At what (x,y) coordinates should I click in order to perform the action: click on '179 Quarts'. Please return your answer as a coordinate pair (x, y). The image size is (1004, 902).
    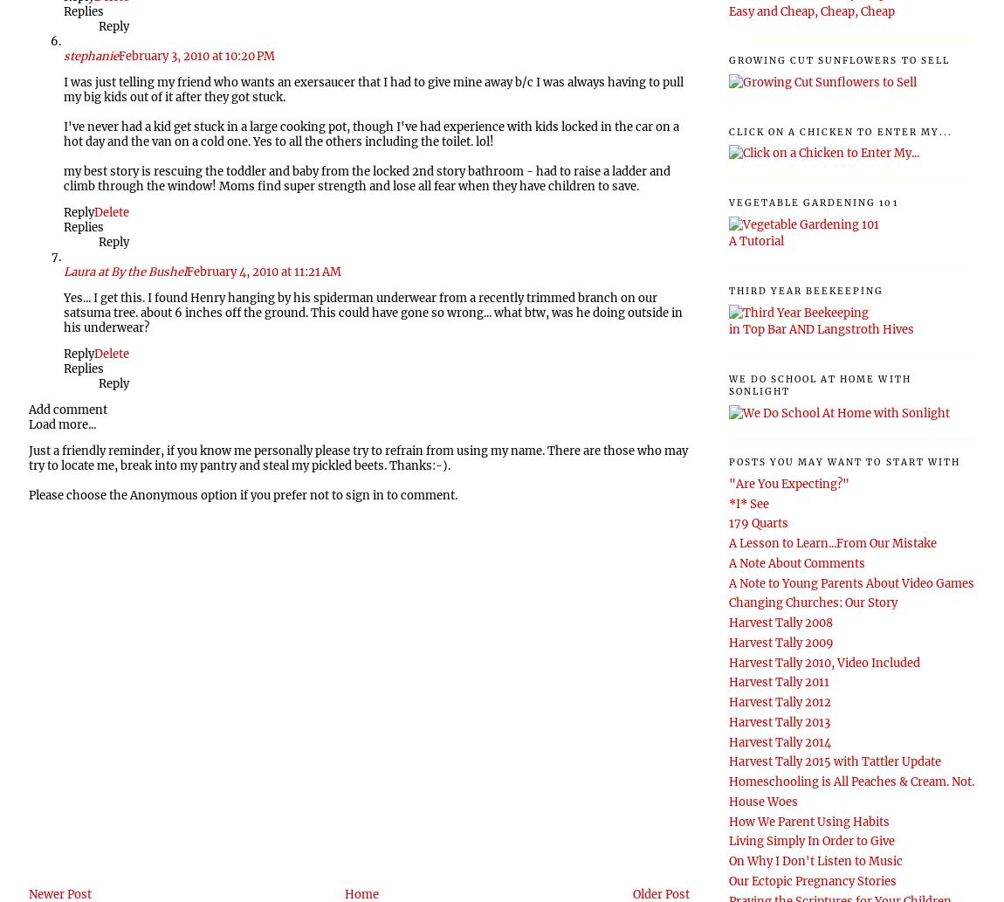
    Looking at the image, I should click on (758, 522).